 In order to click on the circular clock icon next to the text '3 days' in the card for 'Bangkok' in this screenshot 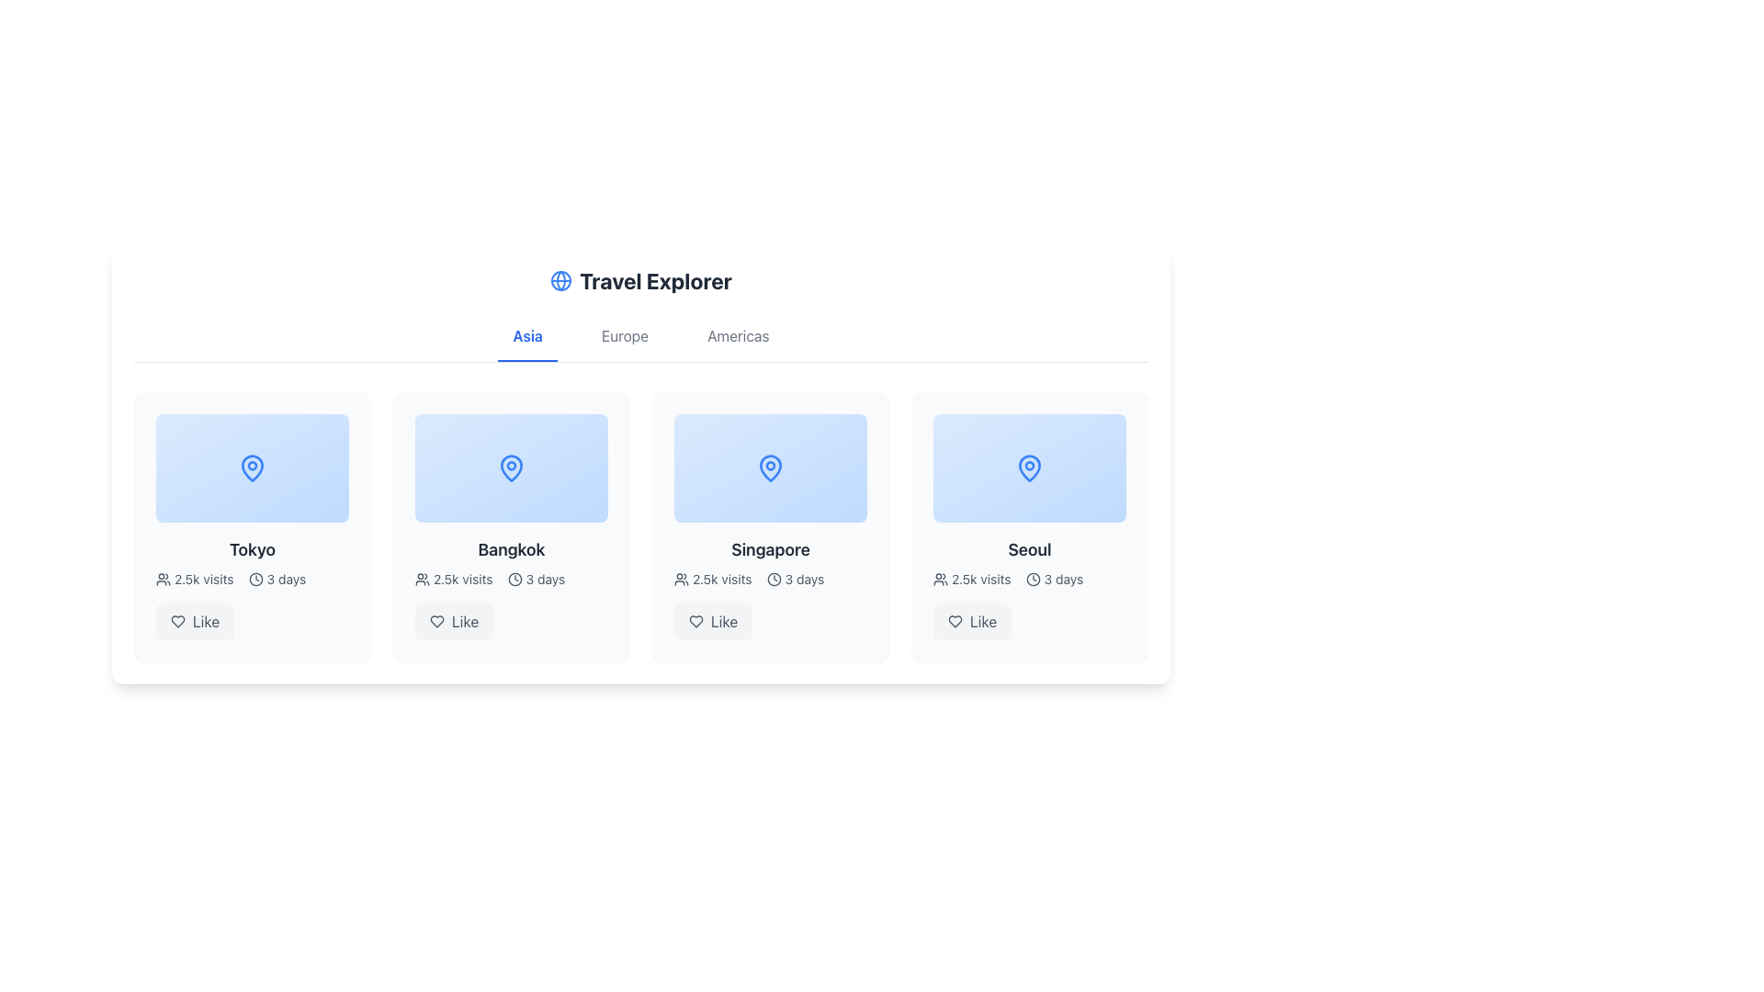, I will do `click(514, 580)`.